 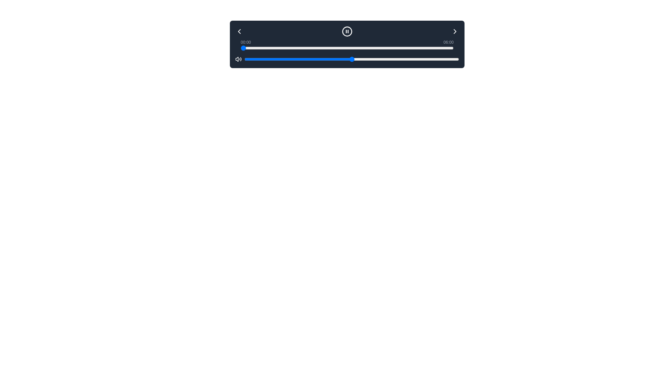 What do you see at coordinates (414, 48) in the screenshot?
I see `the slider` at bounding box center [414, 48].